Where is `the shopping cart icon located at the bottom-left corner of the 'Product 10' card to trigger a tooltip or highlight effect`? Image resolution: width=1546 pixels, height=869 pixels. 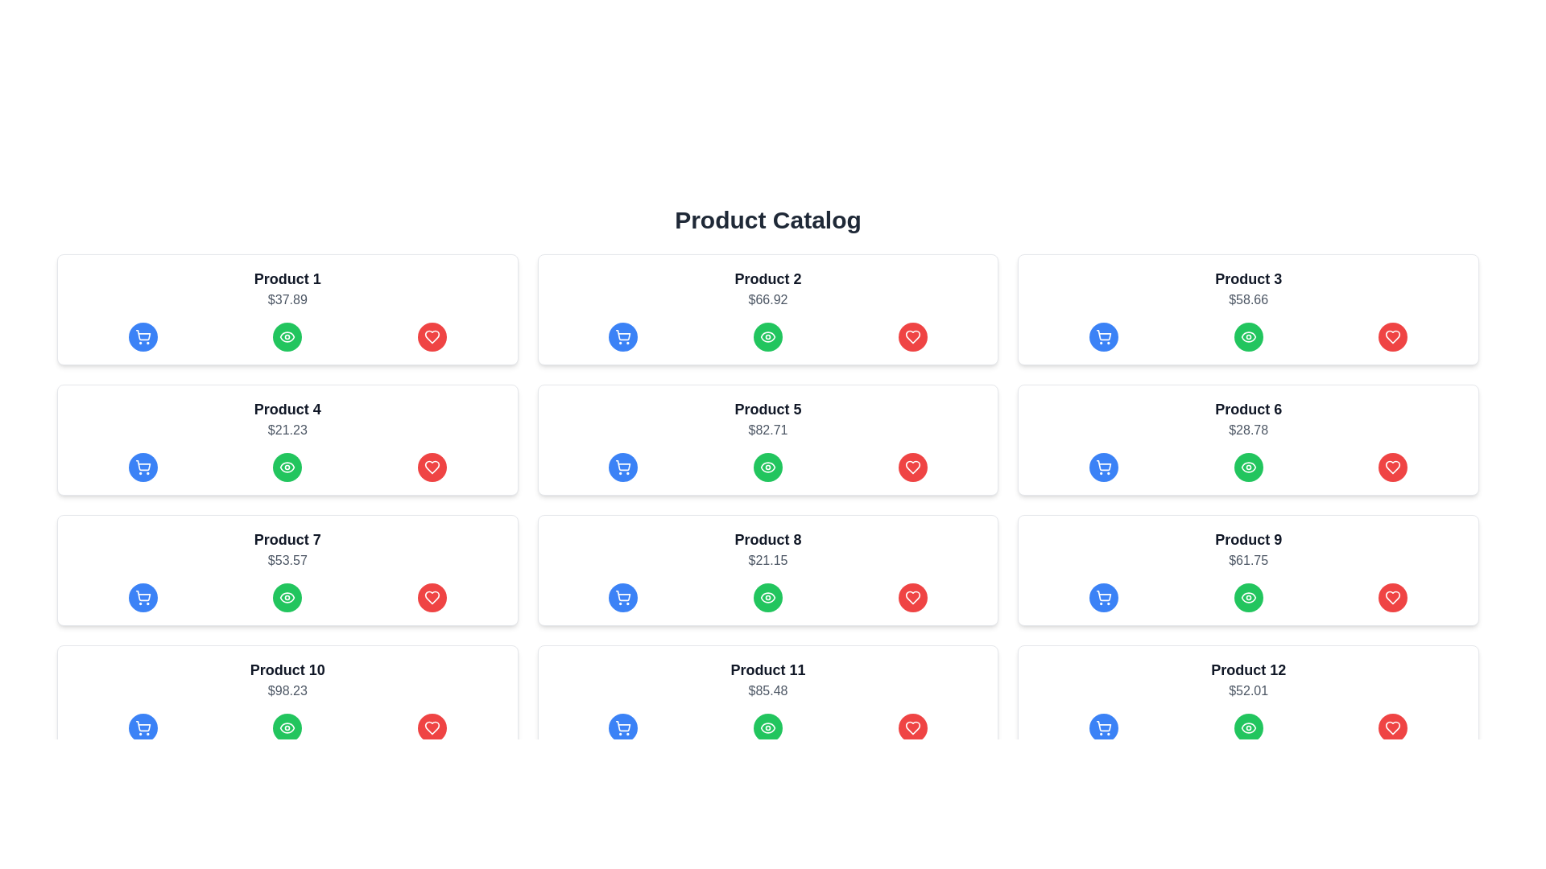 the shopping cart icon located at the bottom-left corner of the 'Product 10' card to trigger a tooltip or highlight effect is located at coordinates (143, 726).